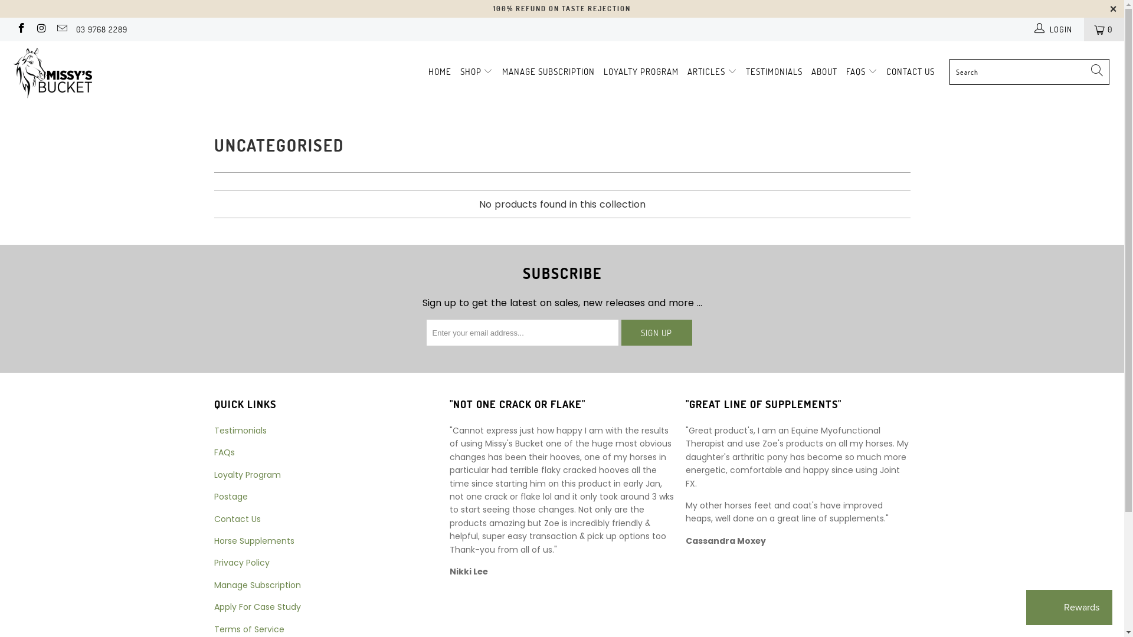  Describe the element at coordinates (35, 29) in the screenshot. I see `'Missy's Bucket on Instagram'` at that location.